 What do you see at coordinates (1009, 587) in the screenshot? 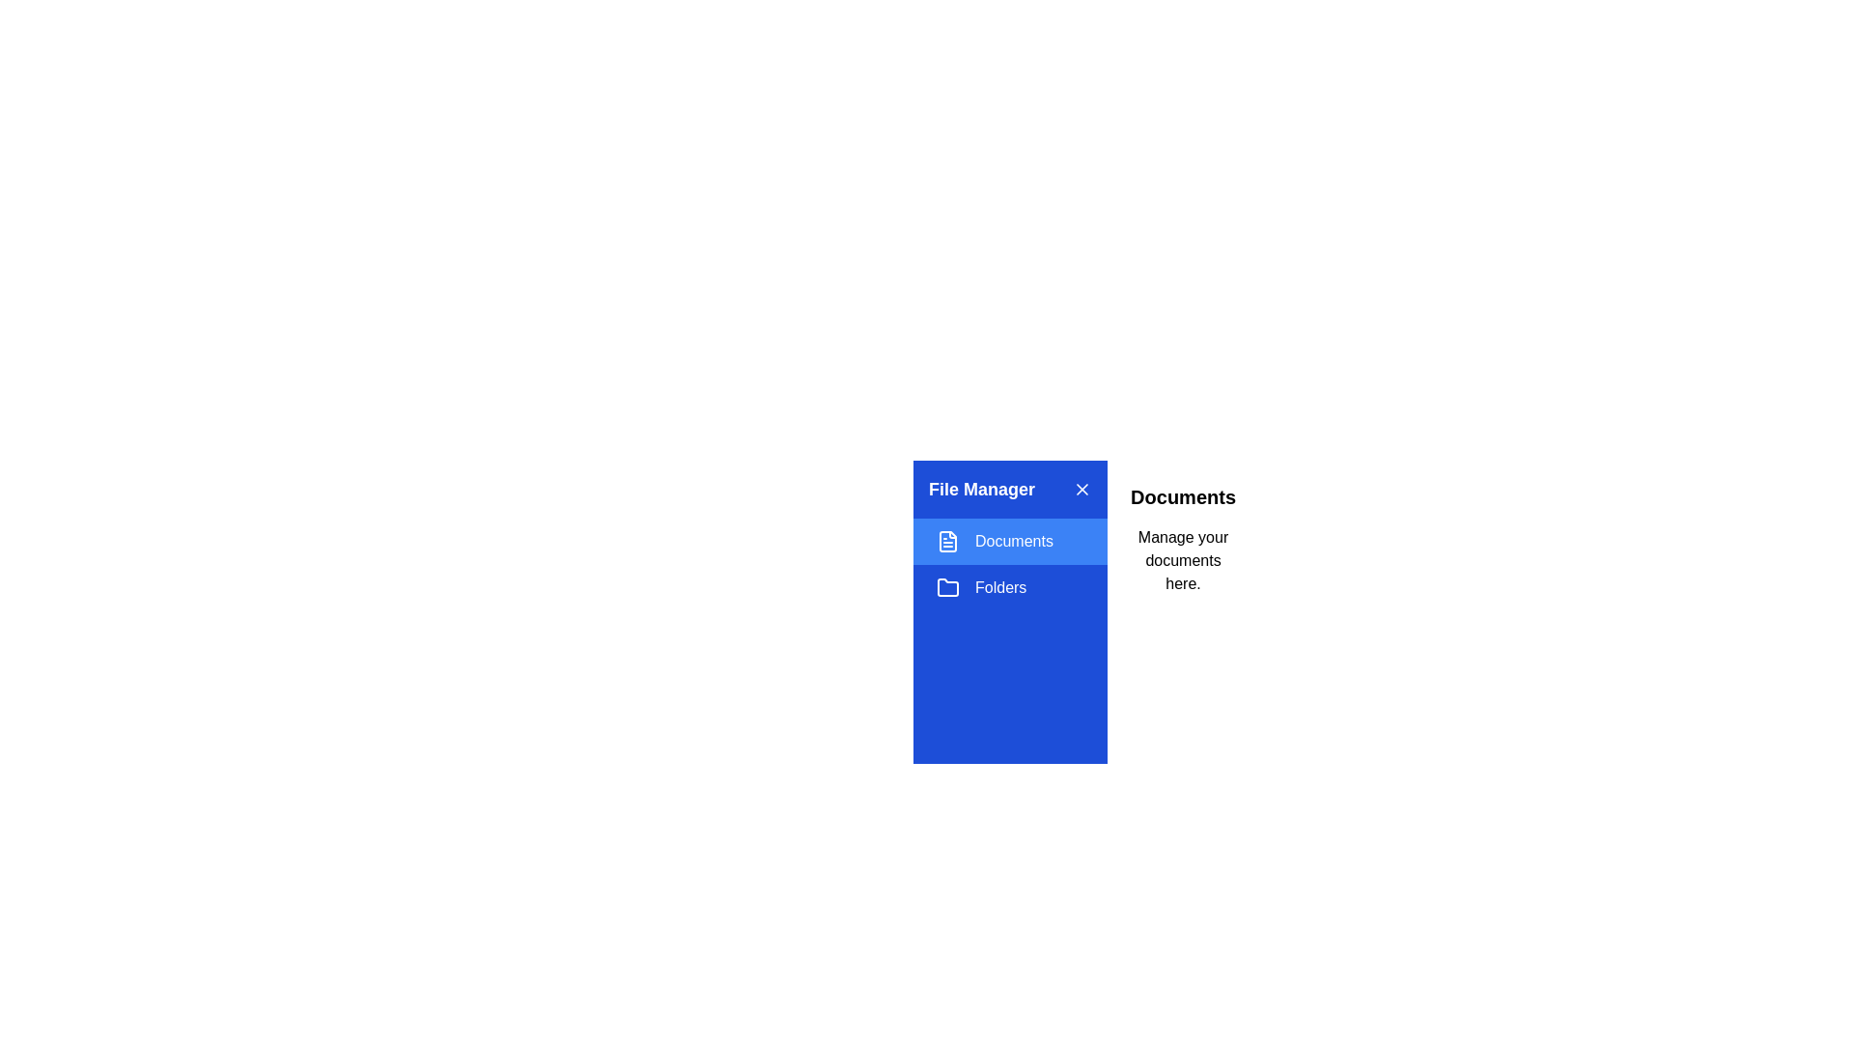
I see `the section Folders in the drawer` at bounding box center [1009, 587].